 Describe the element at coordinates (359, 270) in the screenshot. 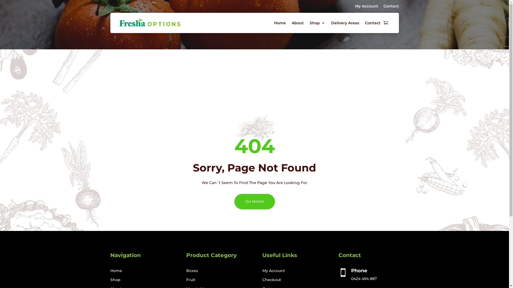

I see `'Phone'` at that location.